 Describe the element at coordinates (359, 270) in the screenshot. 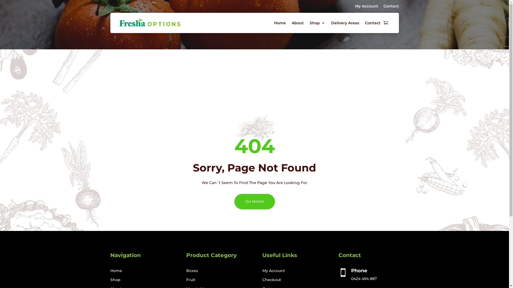

I see `'Phone'` at that location.